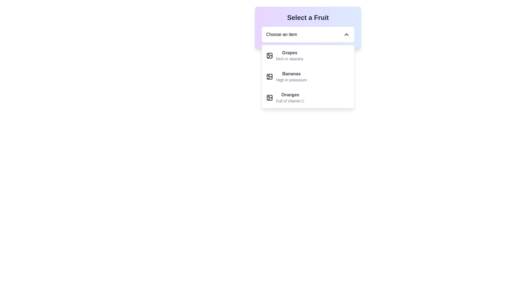  Describe the element at coordinates (290, 95) in the screenshot. I see `the text label displaying 'Oranges' in bold` at that location.